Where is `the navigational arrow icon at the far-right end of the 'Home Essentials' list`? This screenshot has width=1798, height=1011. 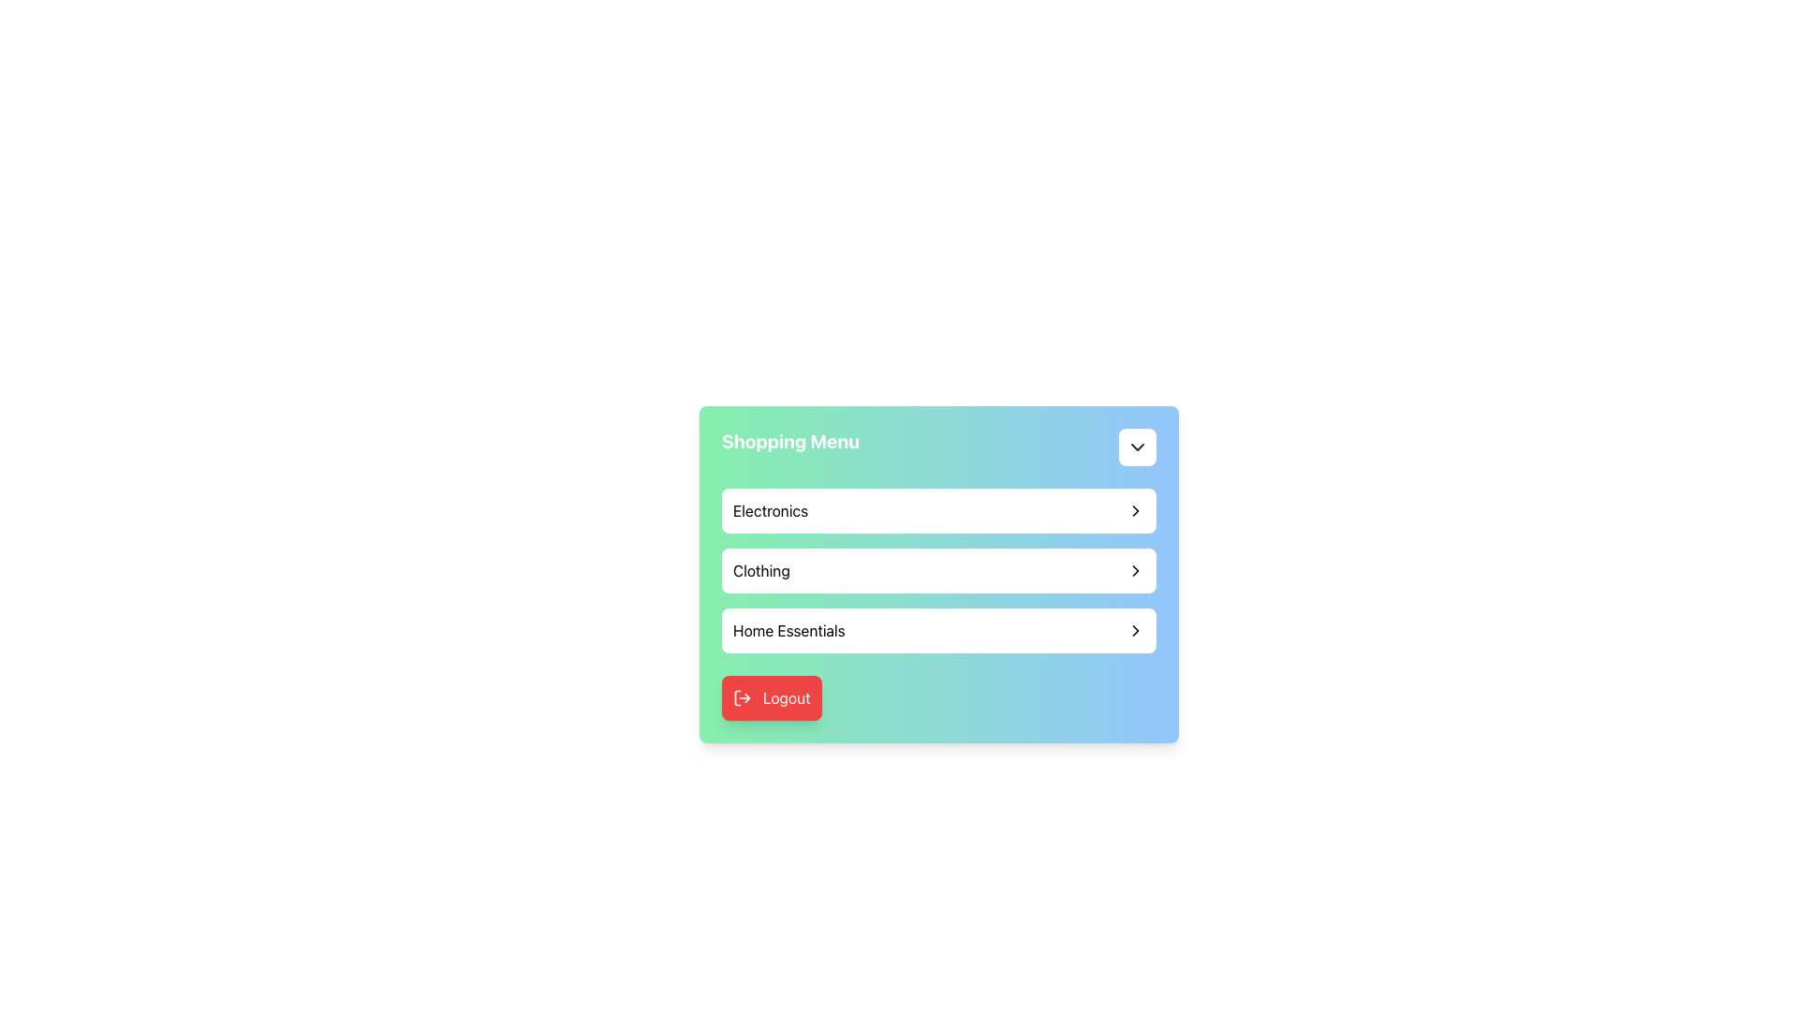 the navigational arrow icon at the far-right end of the 'Home Essentials' list is located at coordinates (1135, 631).